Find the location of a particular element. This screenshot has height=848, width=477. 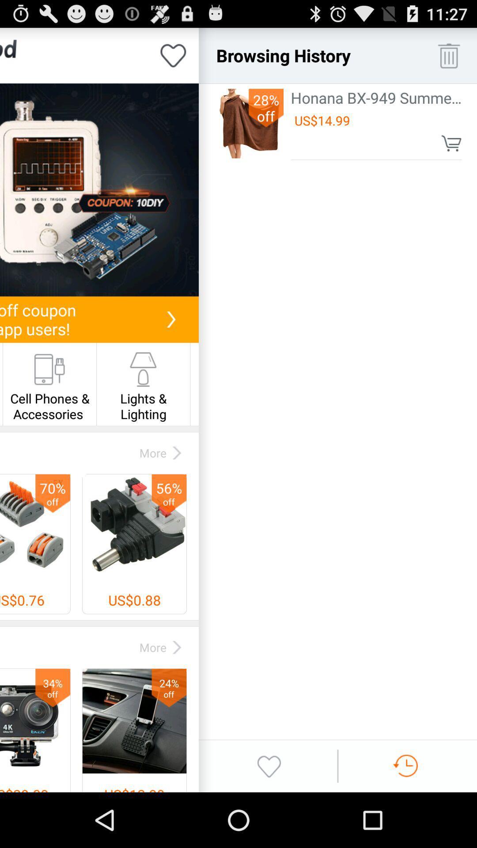

to favorites is located at coordinates (173, 55).